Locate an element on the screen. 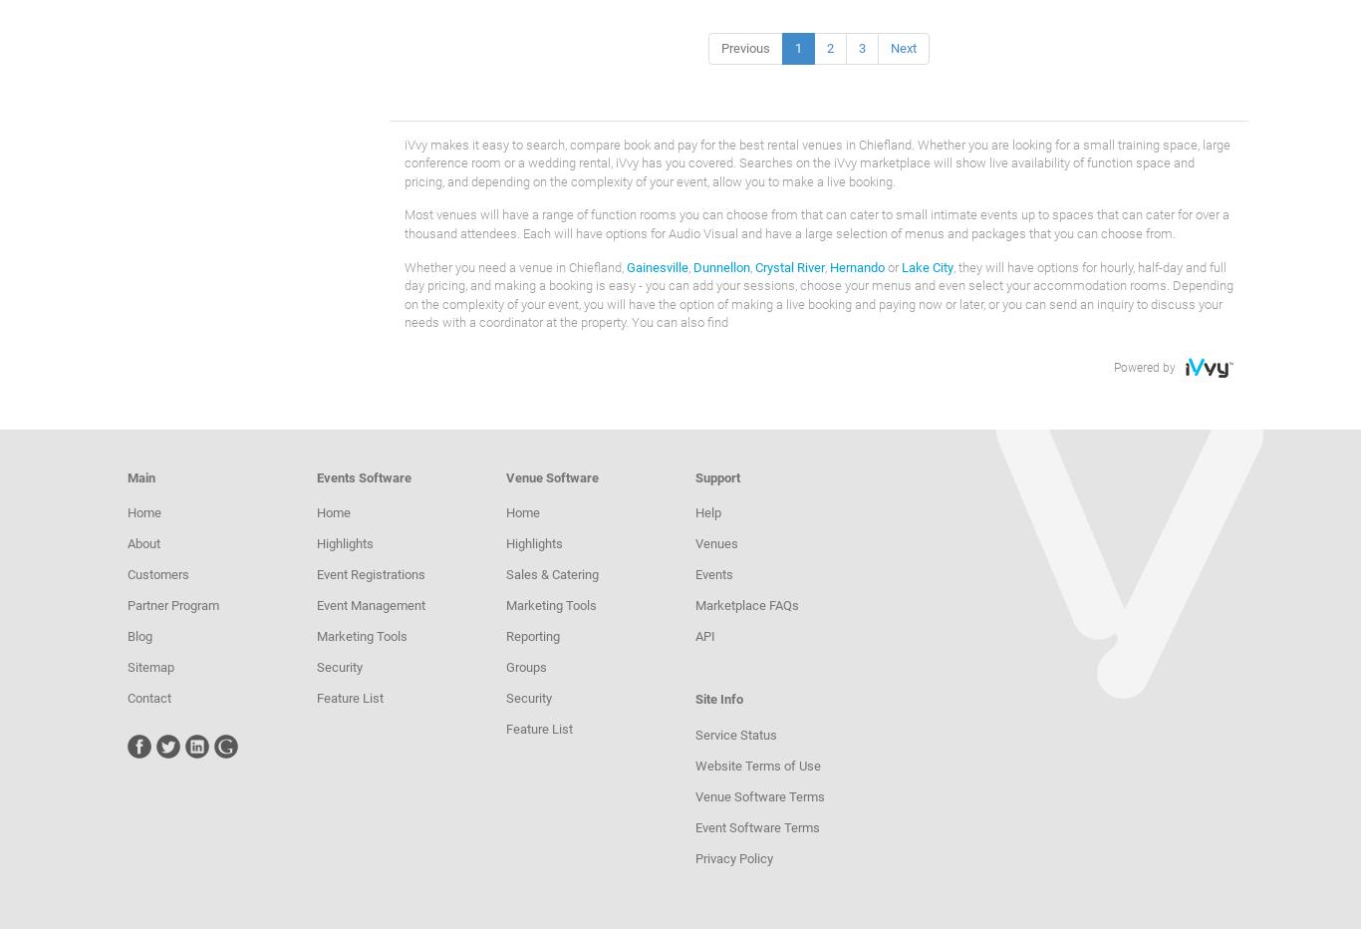  'Service Status' is located at coordinates (736, 733).